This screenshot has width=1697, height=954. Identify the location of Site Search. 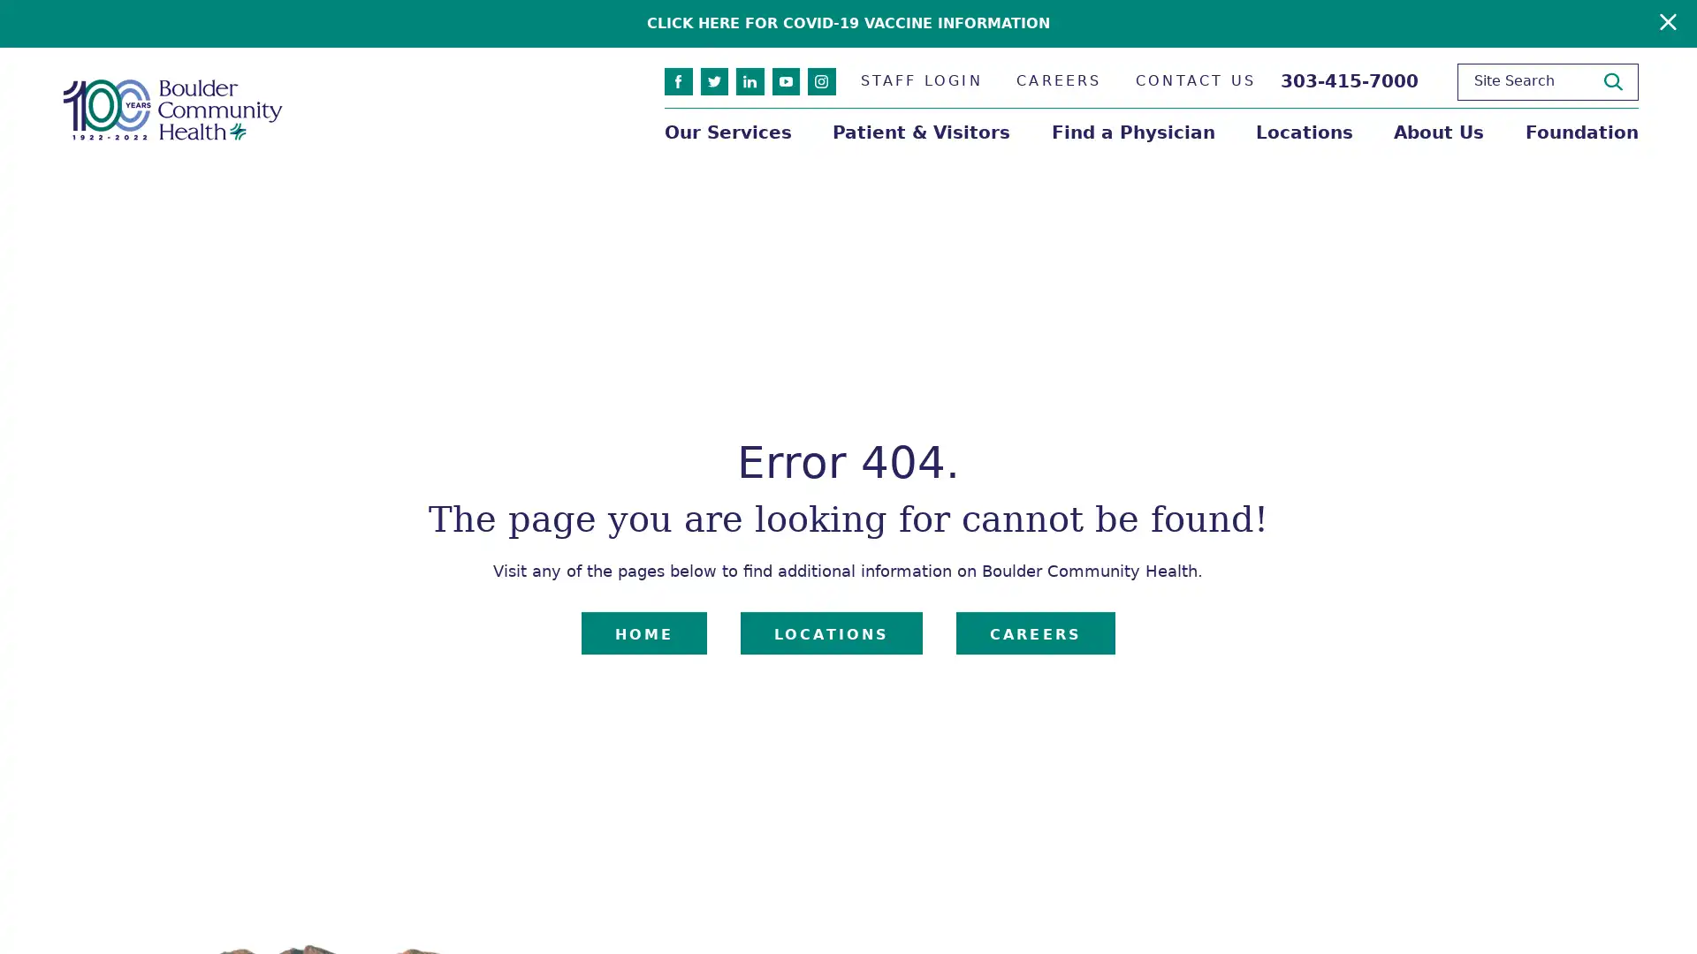
(1620, 81).